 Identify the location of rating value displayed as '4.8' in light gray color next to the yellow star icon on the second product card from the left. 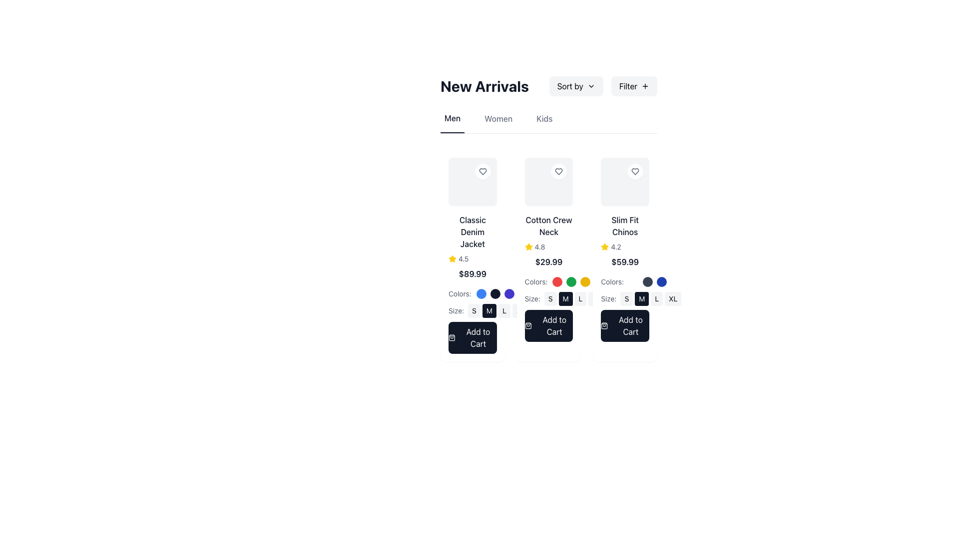
(539, 247).